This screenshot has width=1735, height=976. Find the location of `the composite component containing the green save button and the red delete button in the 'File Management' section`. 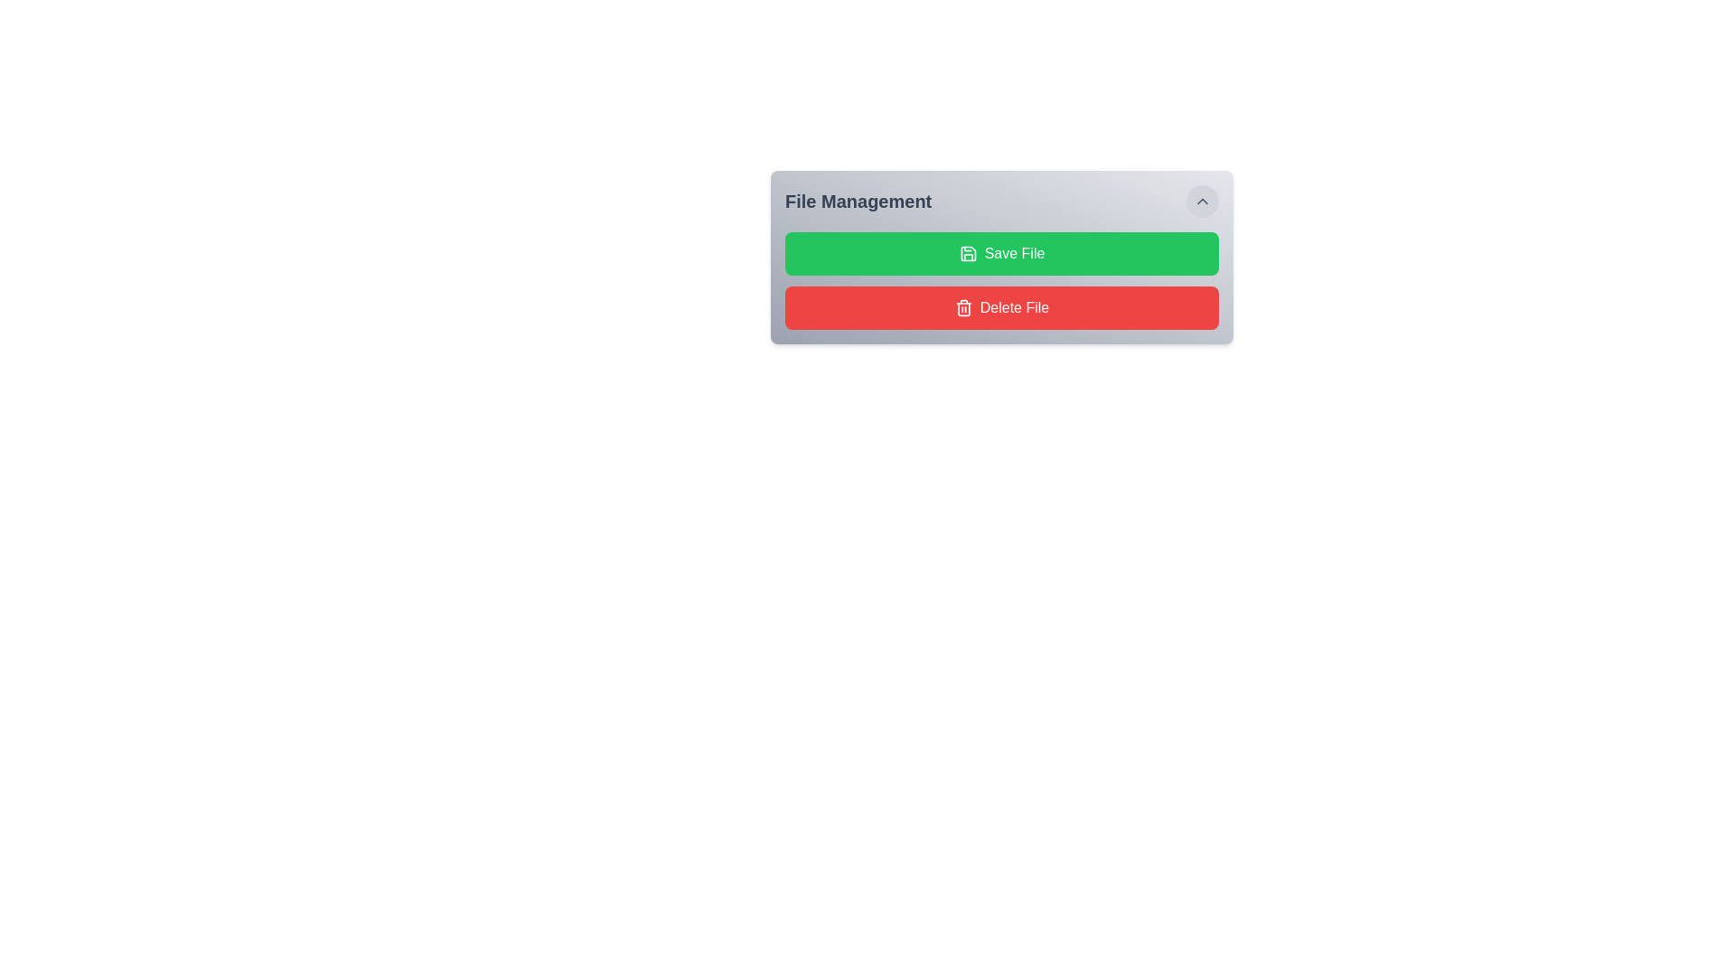

the composite component containing the green save button and the red delete button in the 'File Management' section is located at coordinates (1000, 281).